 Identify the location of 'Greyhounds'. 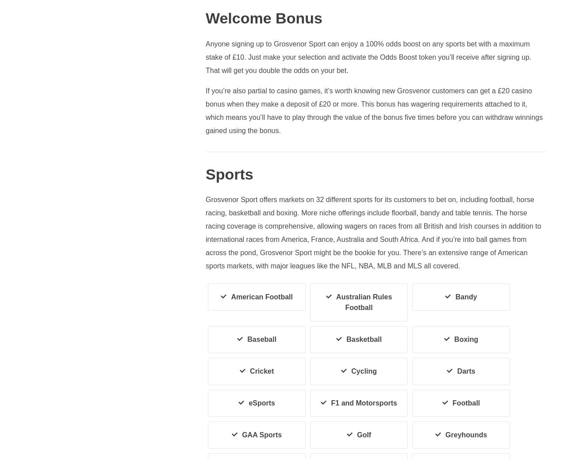
(466, 435).